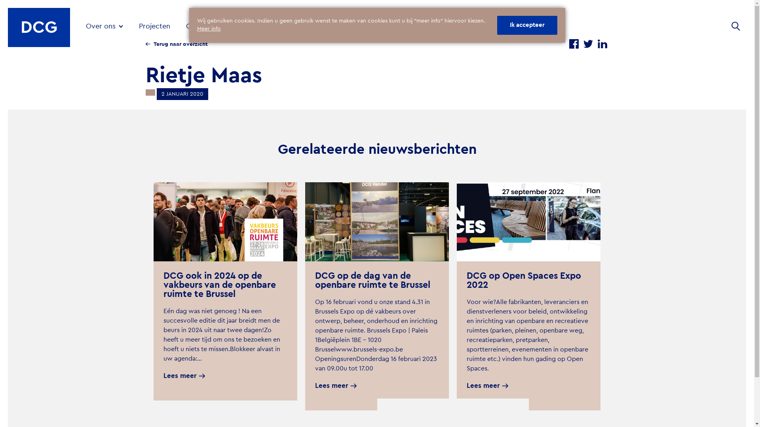 This screenshot has width=760, height=427. Describe the element at coordinates (154, 25) in the screenshot. I see `'Projecten'` at that location.